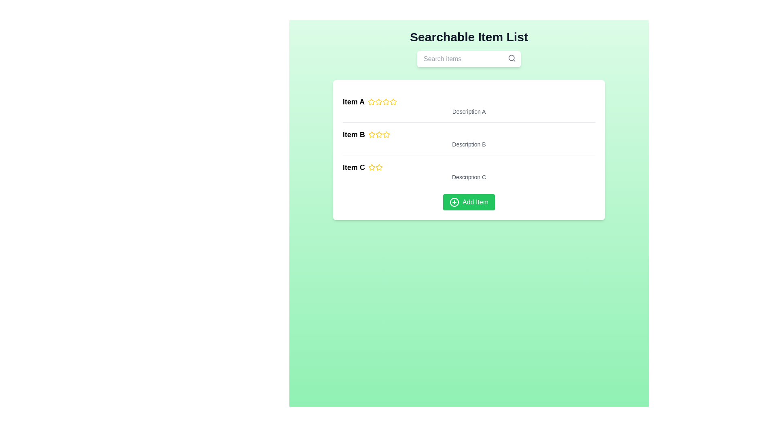 The height and width of the screenshot is (437, 777). Describe the element at coordinates (372, 134) in the screenshot. I see `the star icon` at that location.